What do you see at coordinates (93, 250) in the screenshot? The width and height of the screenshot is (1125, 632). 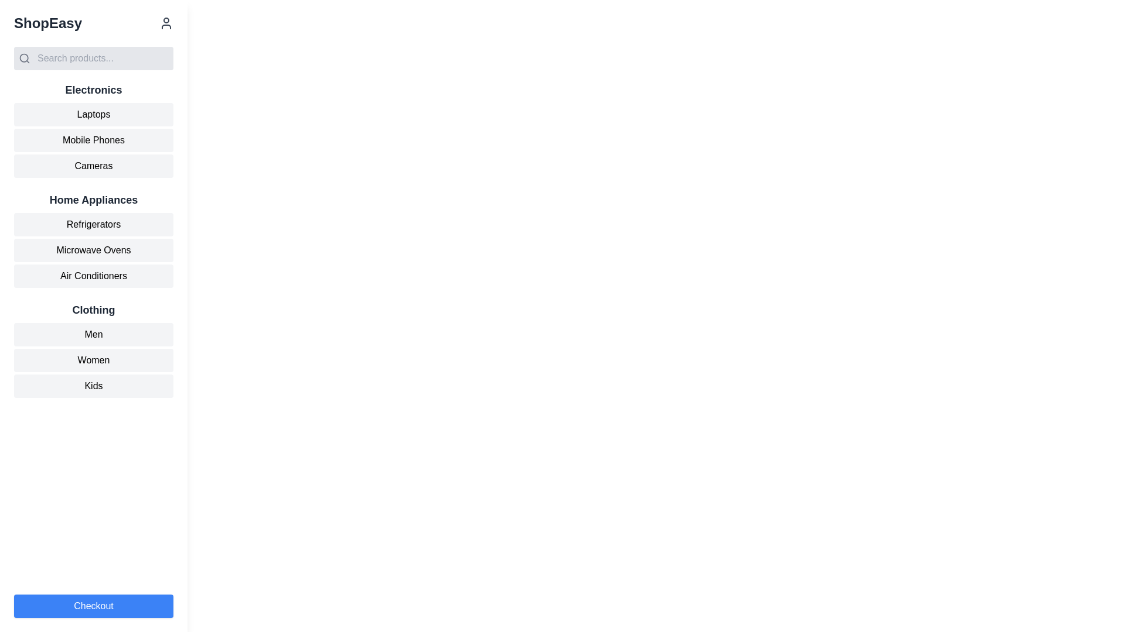 I see `the 'Microwave Ovens' category button, which is the second item in the vertical list under 'Home Appliances' in the left panel` at bounding box center [93, 250].